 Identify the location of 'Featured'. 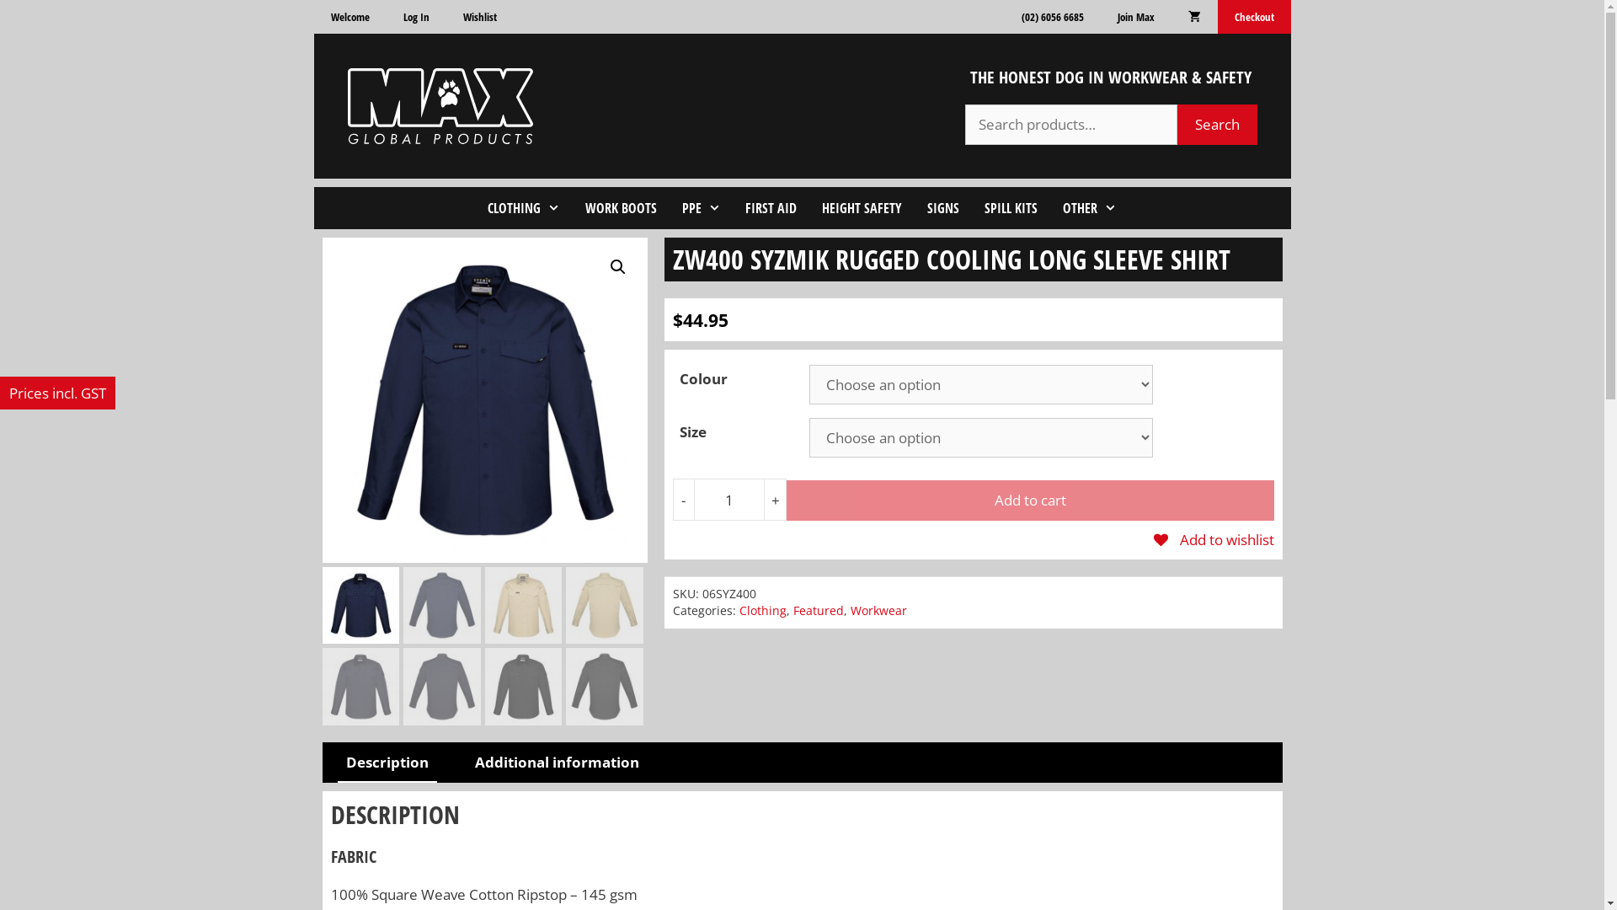
(792, 610).